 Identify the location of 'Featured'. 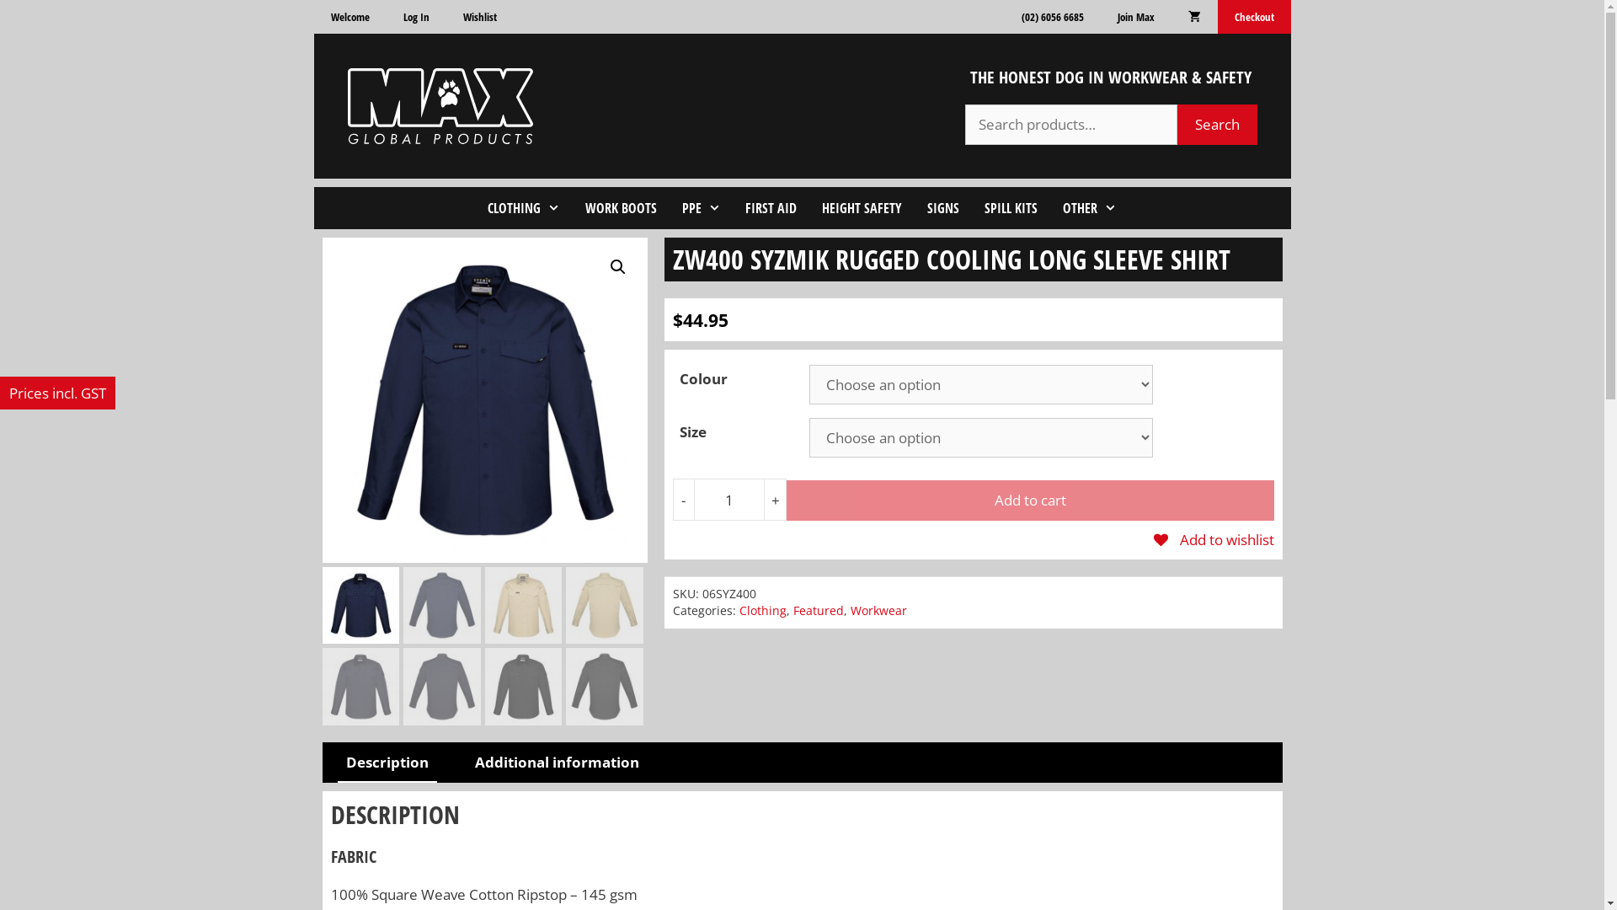
(792, 610).